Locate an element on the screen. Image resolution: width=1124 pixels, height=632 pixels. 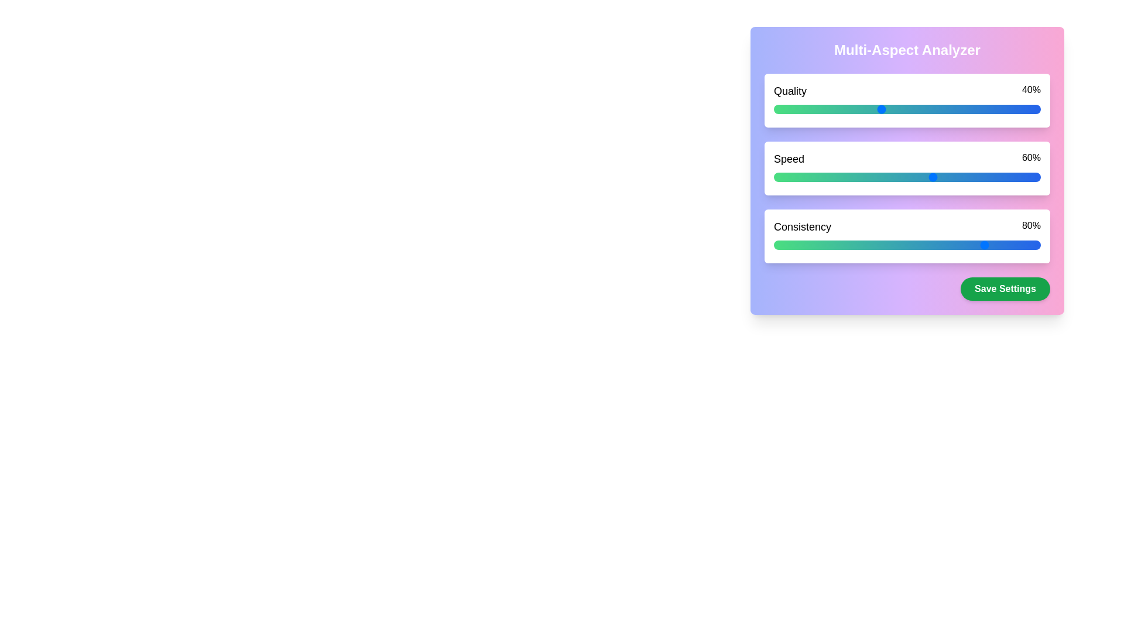
Consistency is located at coordinates (928, 245).